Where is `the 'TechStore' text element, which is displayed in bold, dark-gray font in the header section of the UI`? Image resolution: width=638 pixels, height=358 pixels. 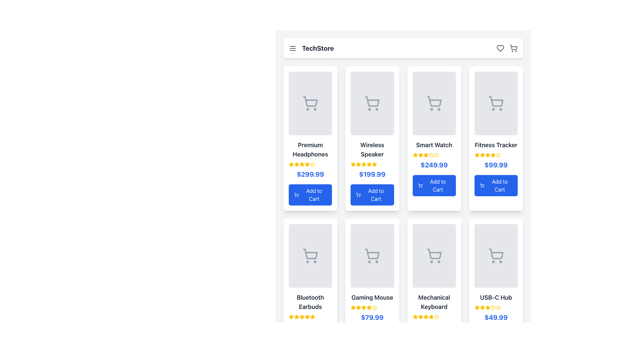
the 'TechStore' text element, which is displayed in bold, dark-gray font in the header section of the UI is located at coordinates (311, 48).